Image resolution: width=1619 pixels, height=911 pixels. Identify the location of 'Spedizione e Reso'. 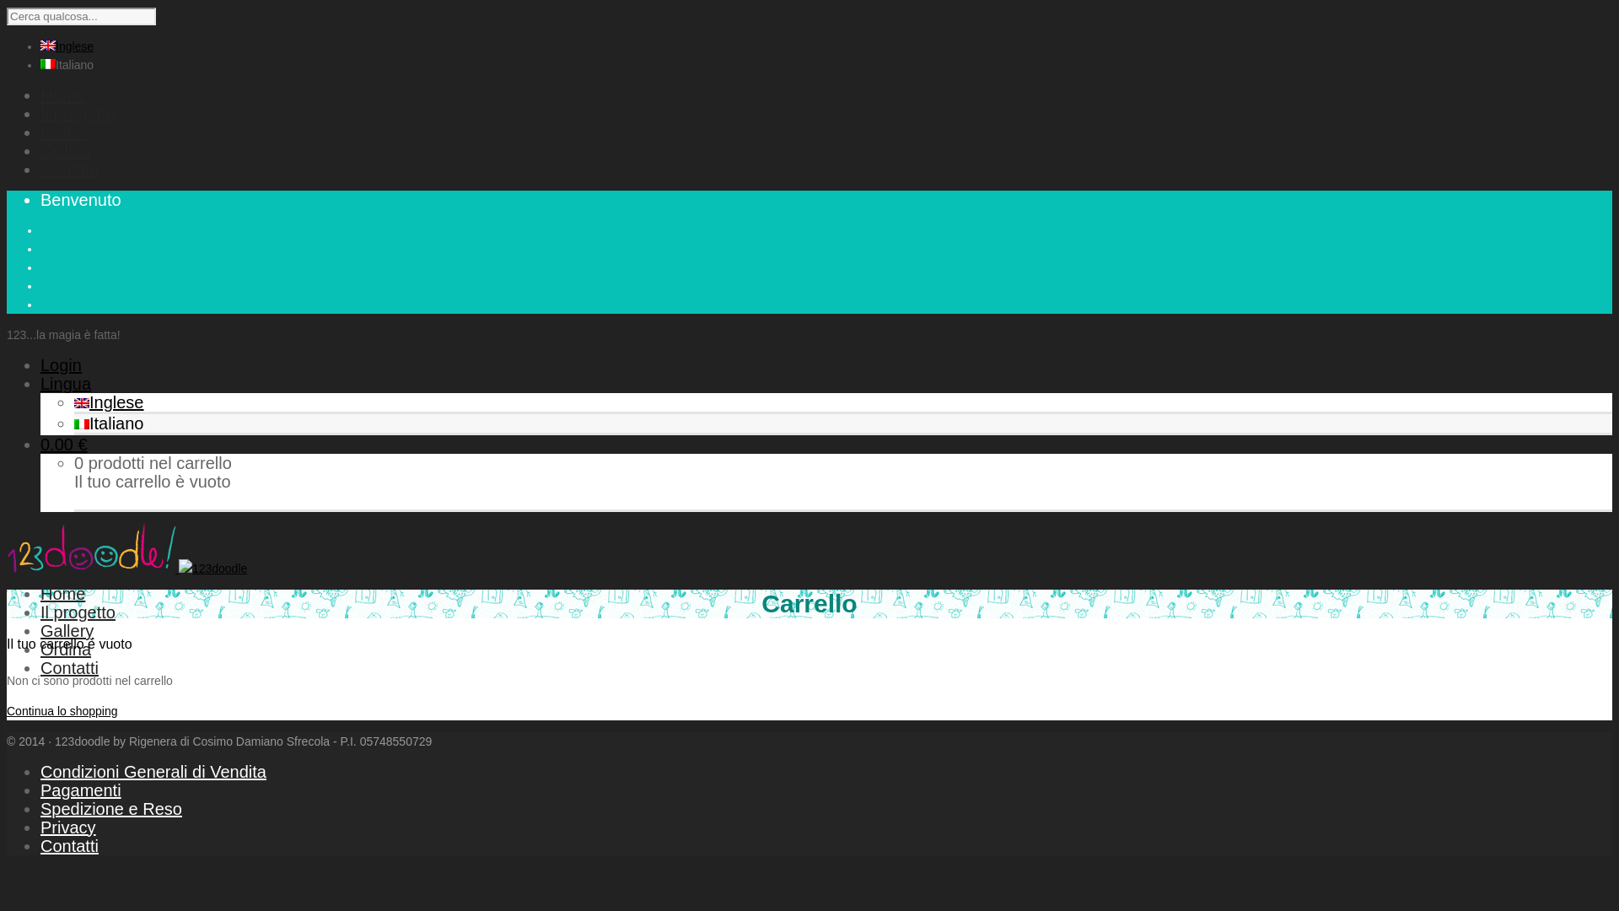
(110, 808).